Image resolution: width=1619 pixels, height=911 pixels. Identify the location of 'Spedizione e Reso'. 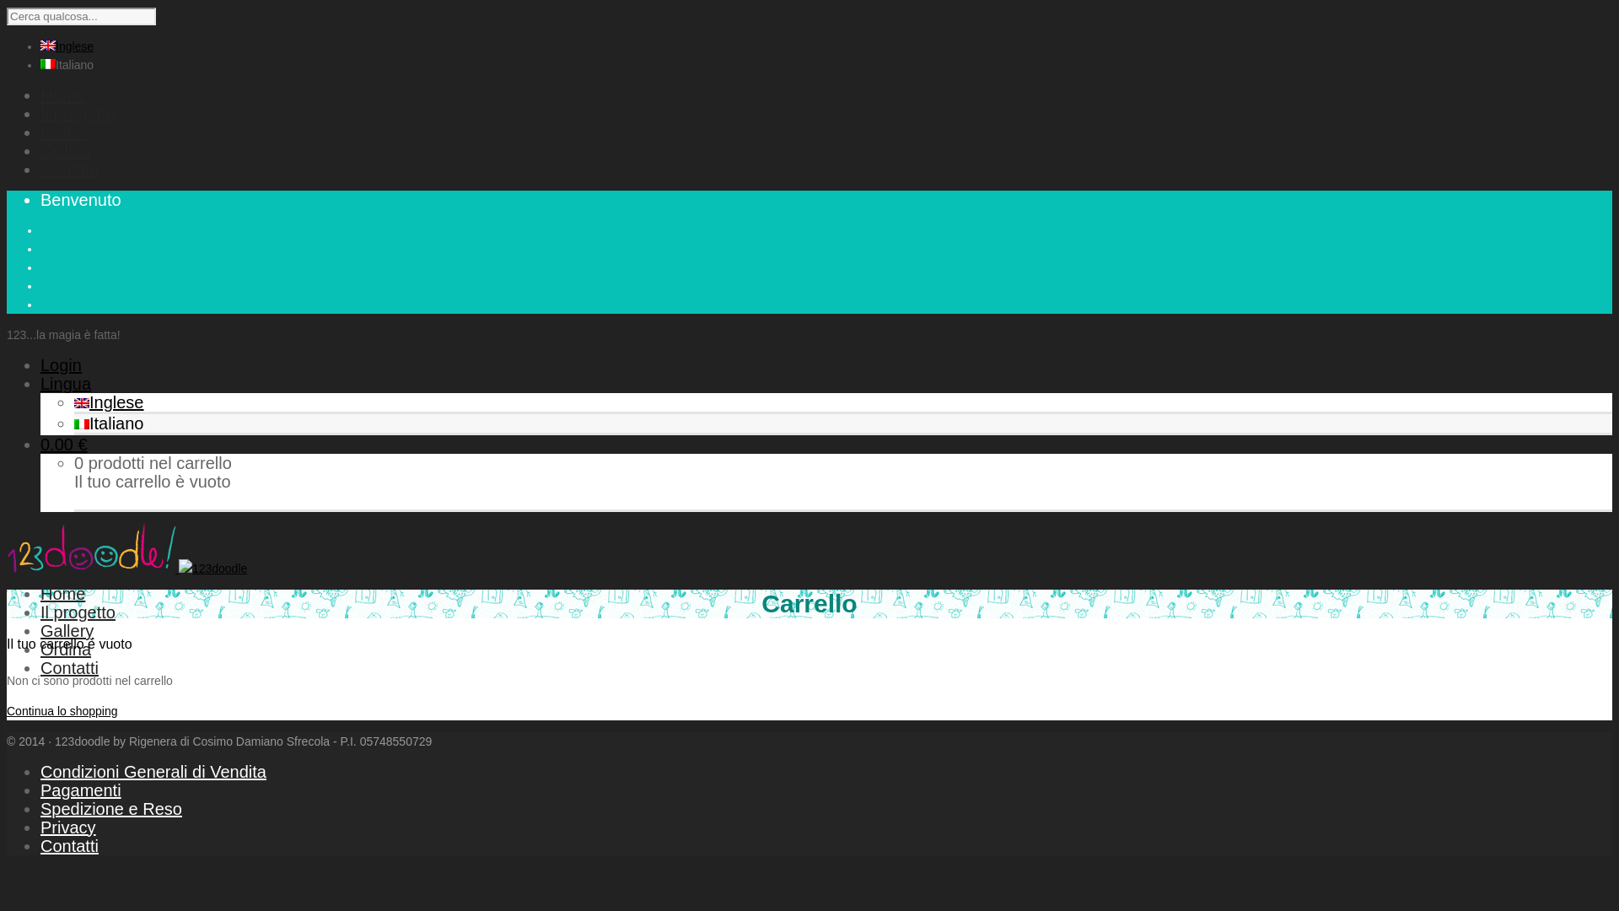
(110, 808).